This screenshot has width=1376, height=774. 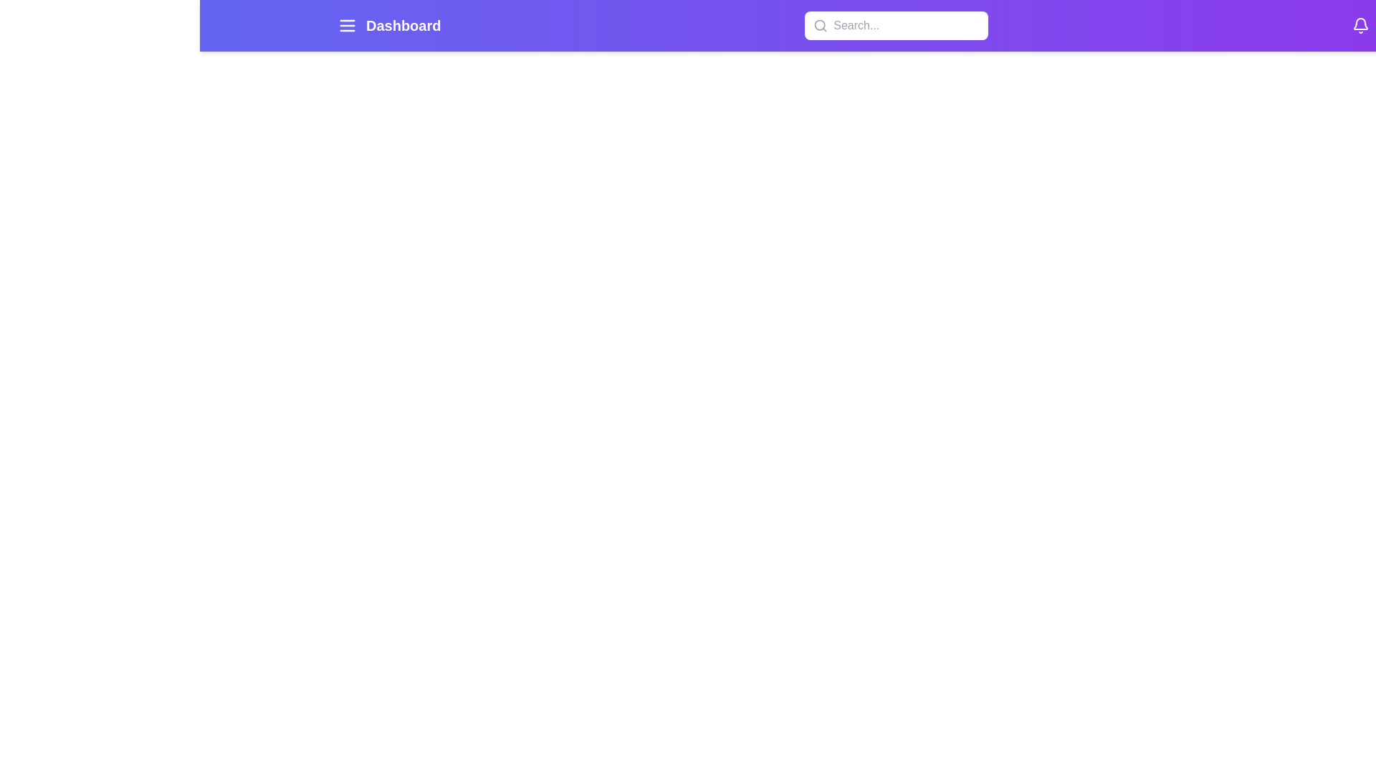 I want to click on the notification bell icon, so click(x=1360, y=25).